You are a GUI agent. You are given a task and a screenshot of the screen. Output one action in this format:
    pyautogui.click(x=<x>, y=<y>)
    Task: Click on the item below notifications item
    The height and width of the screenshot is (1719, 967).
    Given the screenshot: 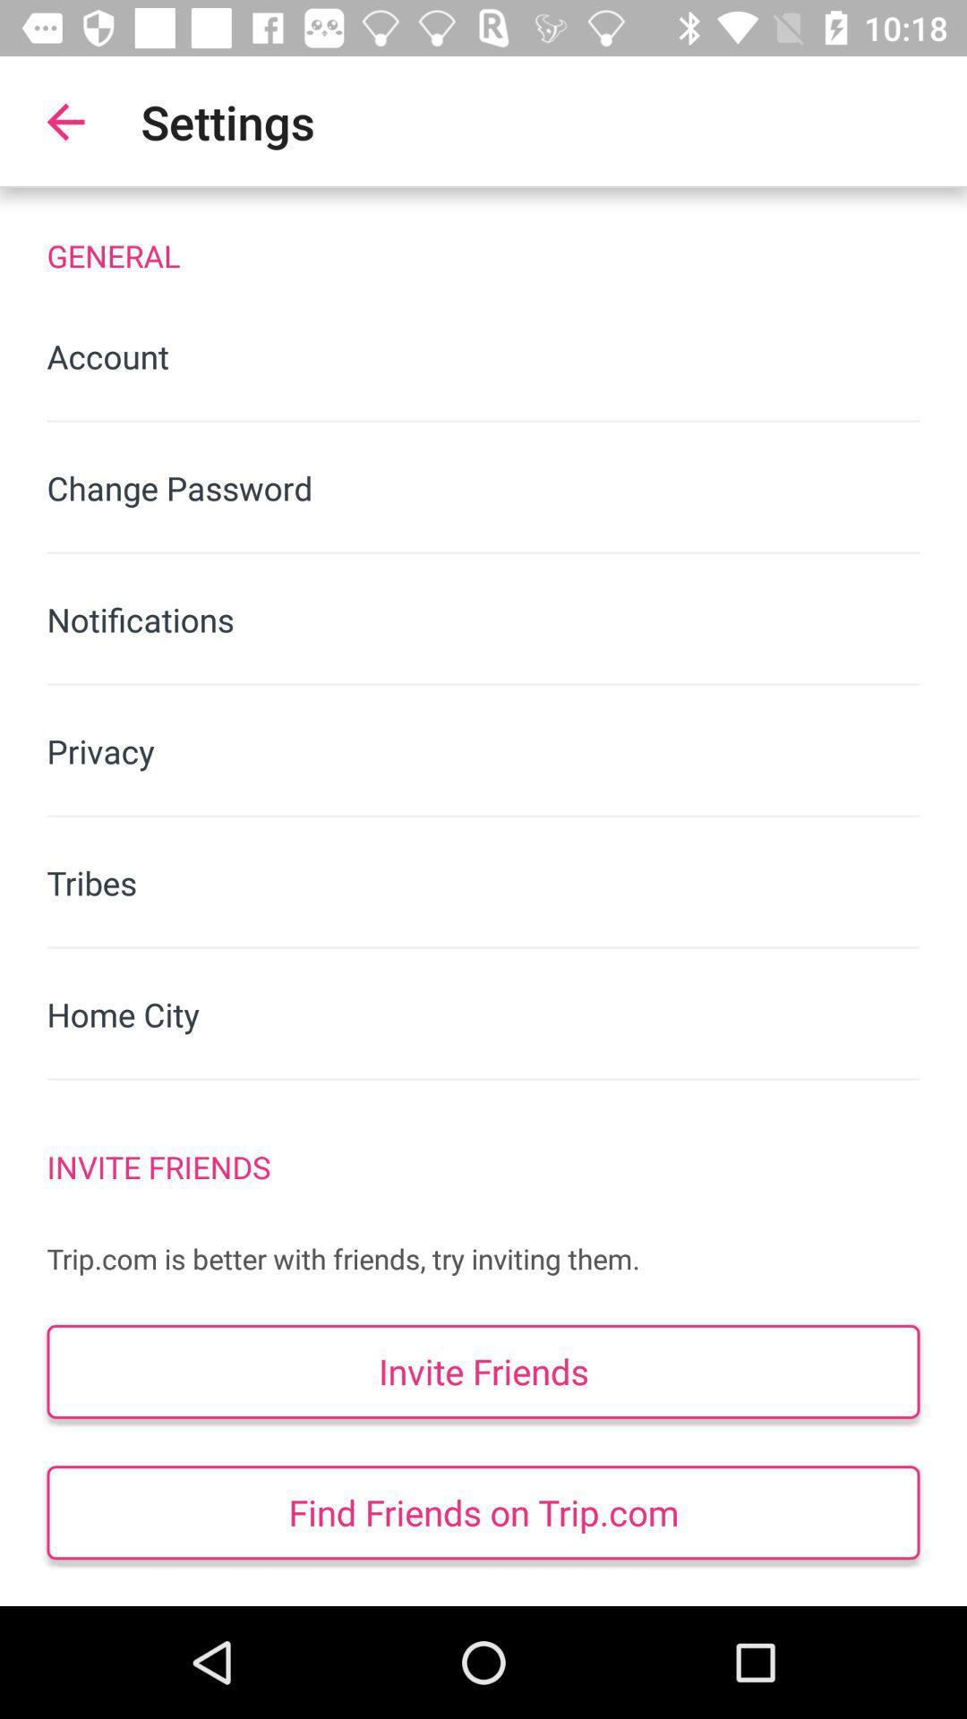 What is the action you would take?
    pyautogui.click(x=483, y=751)
    